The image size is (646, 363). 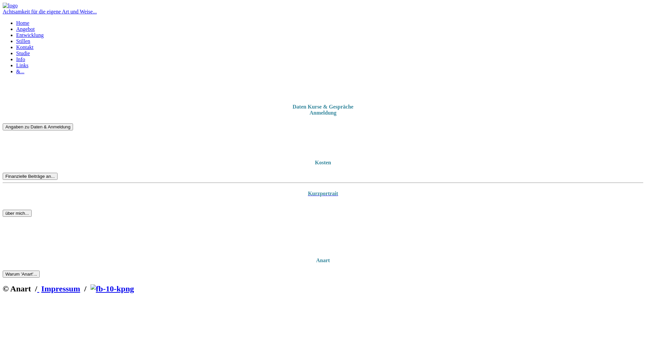 What do you see at coordinates (23, 53) in the screenshot?
I see `'Studie'` at bounding box center [23, 53].